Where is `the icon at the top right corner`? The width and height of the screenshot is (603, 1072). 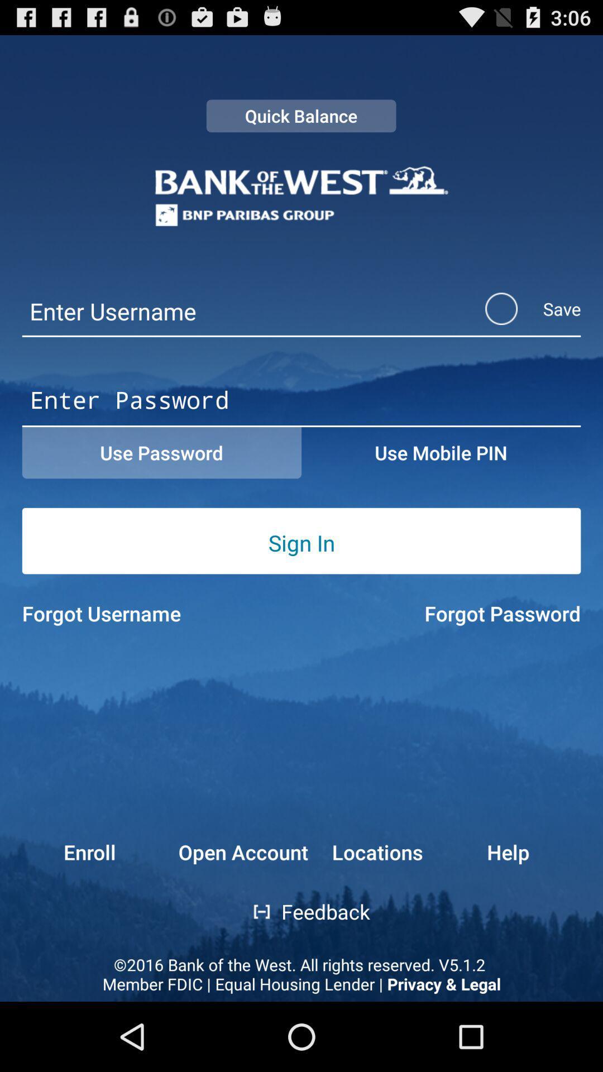 the icon at the top right corner is located at coordinates (518, 309).